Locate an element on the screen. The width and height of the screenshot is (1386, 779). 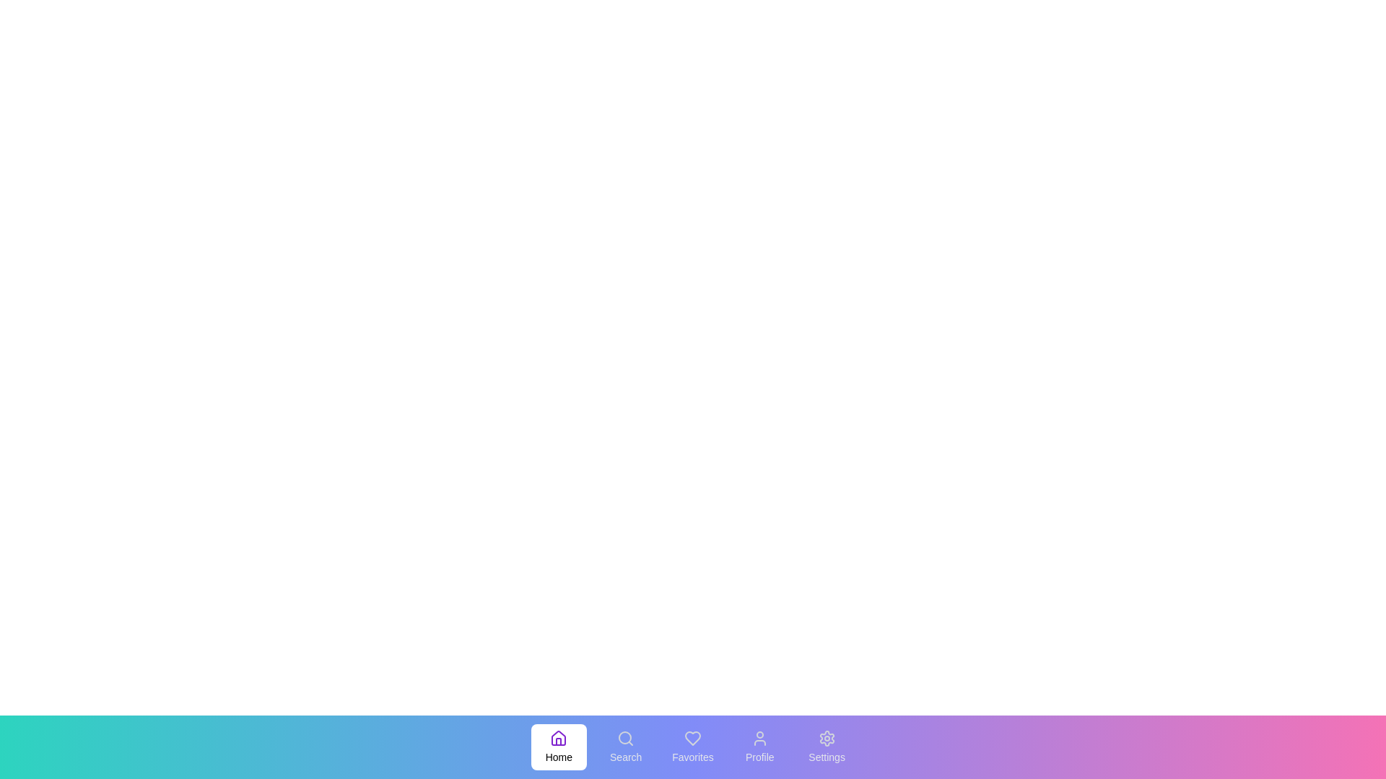
the menu item Profile by clicking on it is located at coordinates (759, 747).